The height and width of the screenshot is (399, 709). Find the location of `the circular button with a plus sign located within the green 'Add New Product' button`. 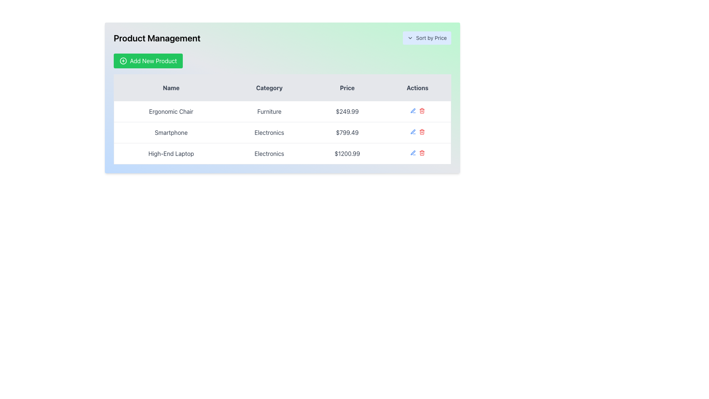

the circular button with a plus sign located within the green 'Add New Product' button is located at coordinates (123, 61).